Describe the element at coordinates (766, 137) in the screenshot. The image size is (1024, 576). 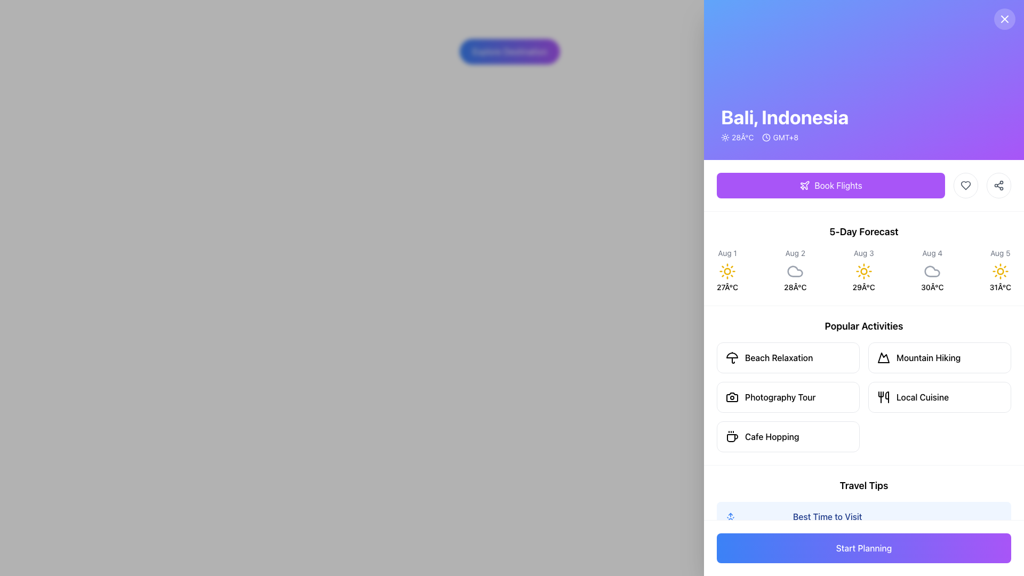
I see `the timezone icon located to the left of the 'GMT+8' text and to the right of the temperature display` at that location.